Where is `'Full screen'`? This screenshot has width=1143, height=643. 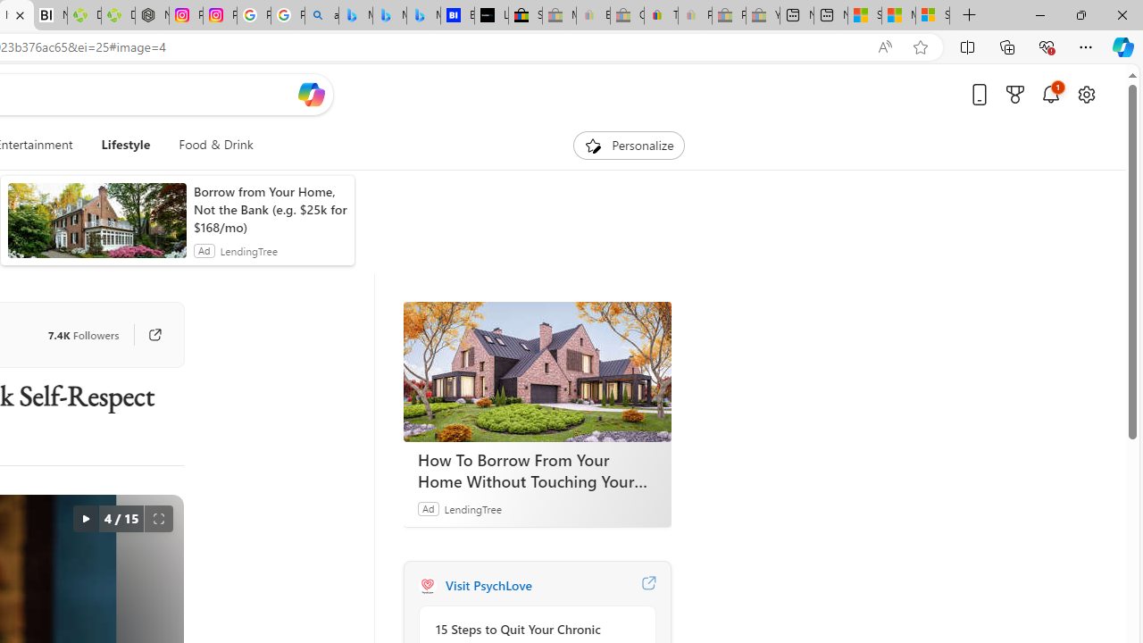 'Full screen' is located at coordinates (158, 519).